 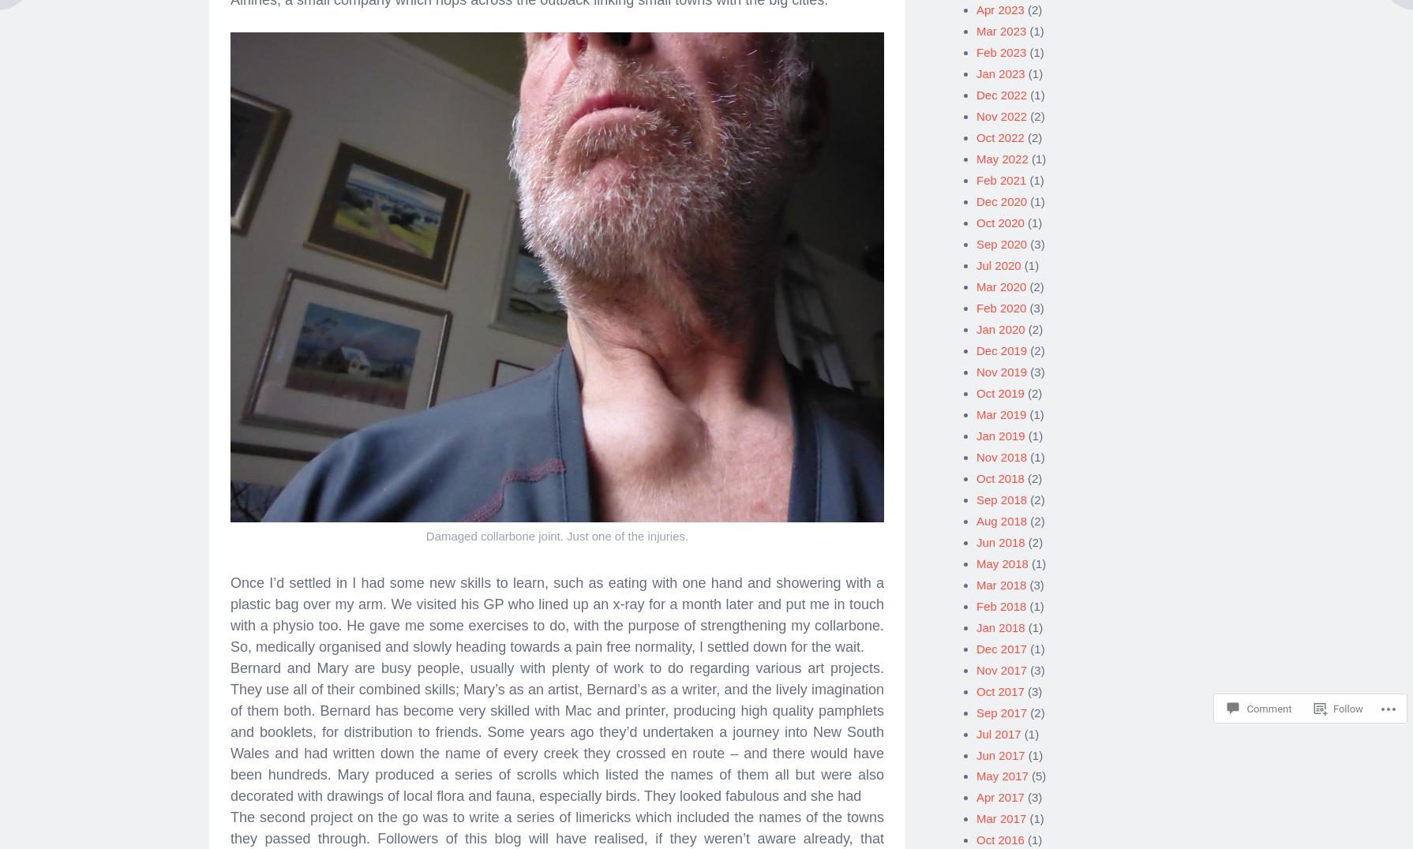 I want to click on 'Feb 2023', so click(x=1001, y=47).